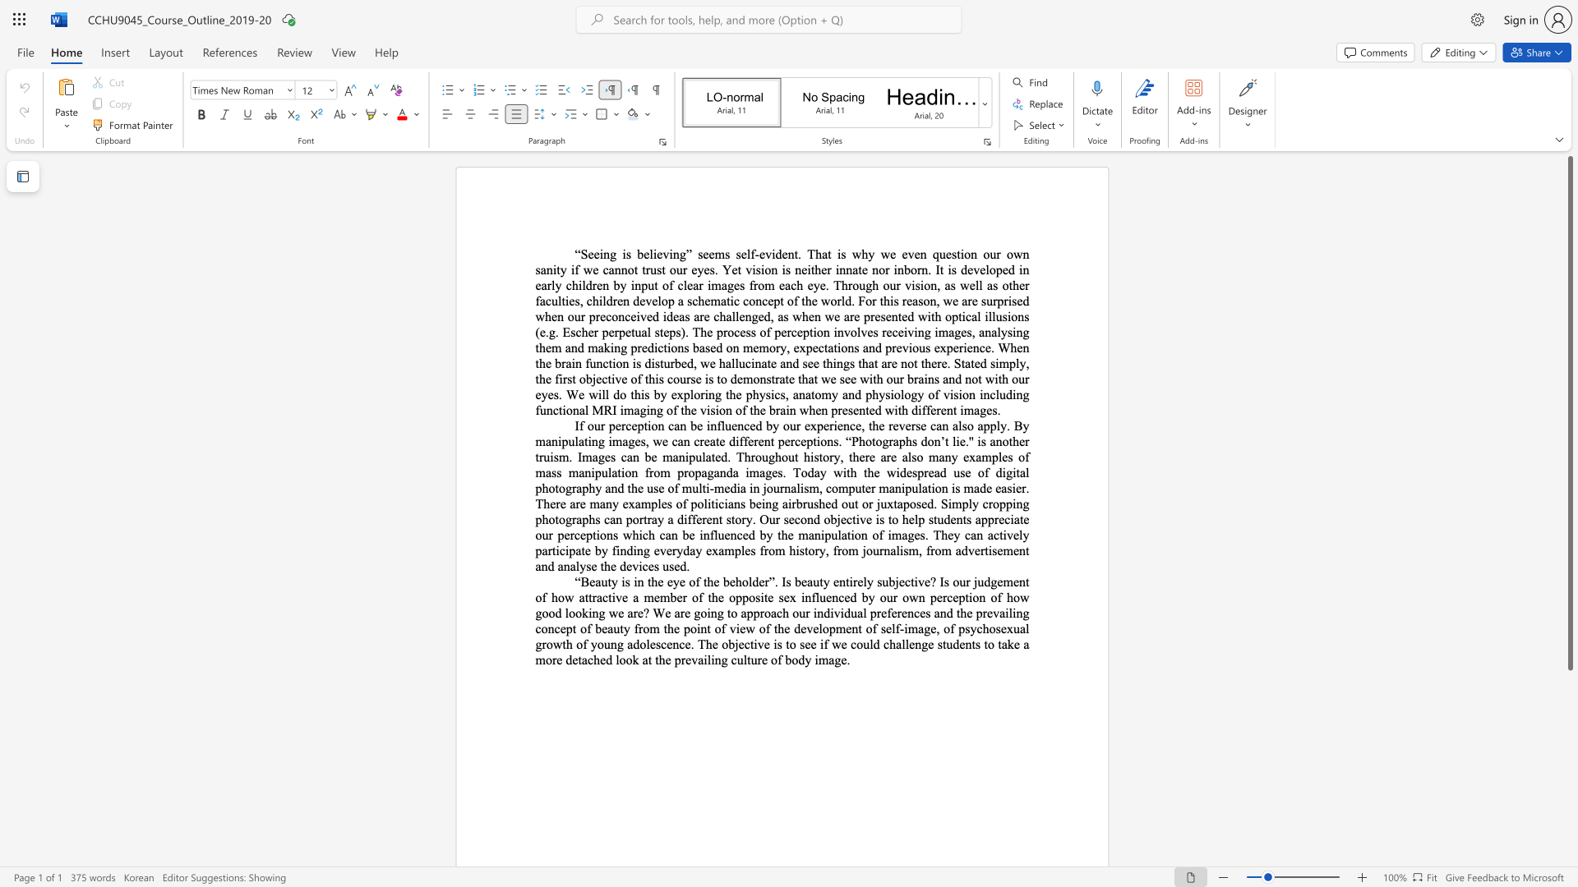  I want to click on the scrollbar on the side, so click(1569, 853).